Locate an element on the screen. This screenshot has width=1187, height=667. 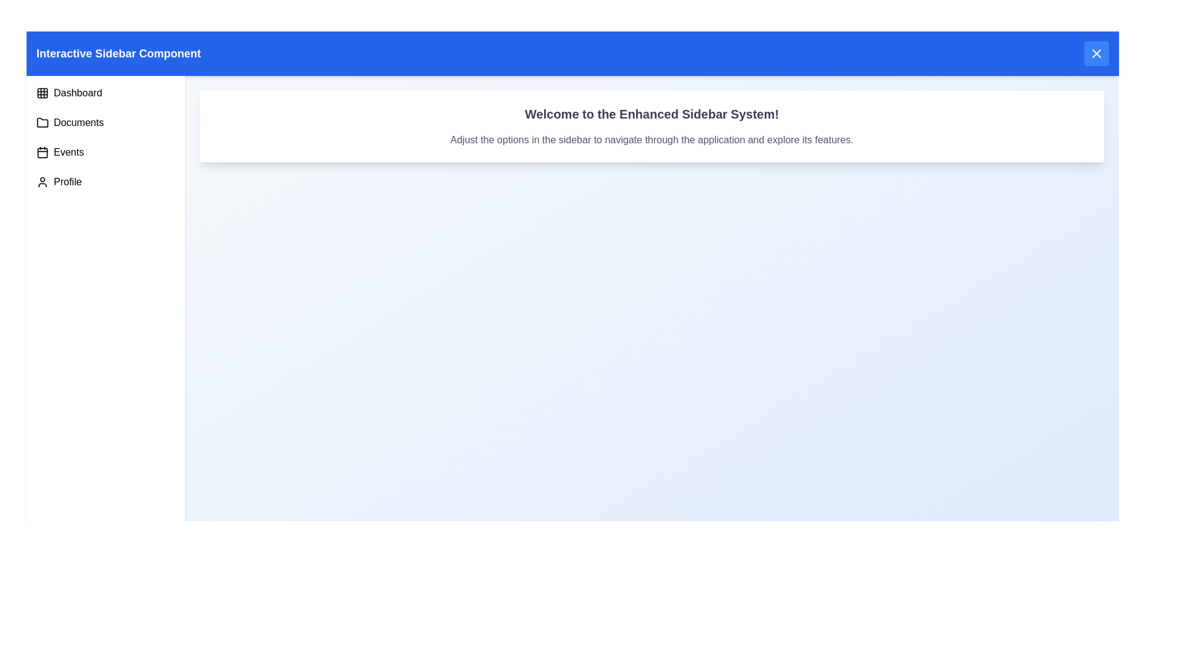
the small folder icon located next to the 'Documents' label in the vertical navigation sidebar, positioned second from the top between 'Dashboard' and 'Events' is located at coordinates (42, 122).